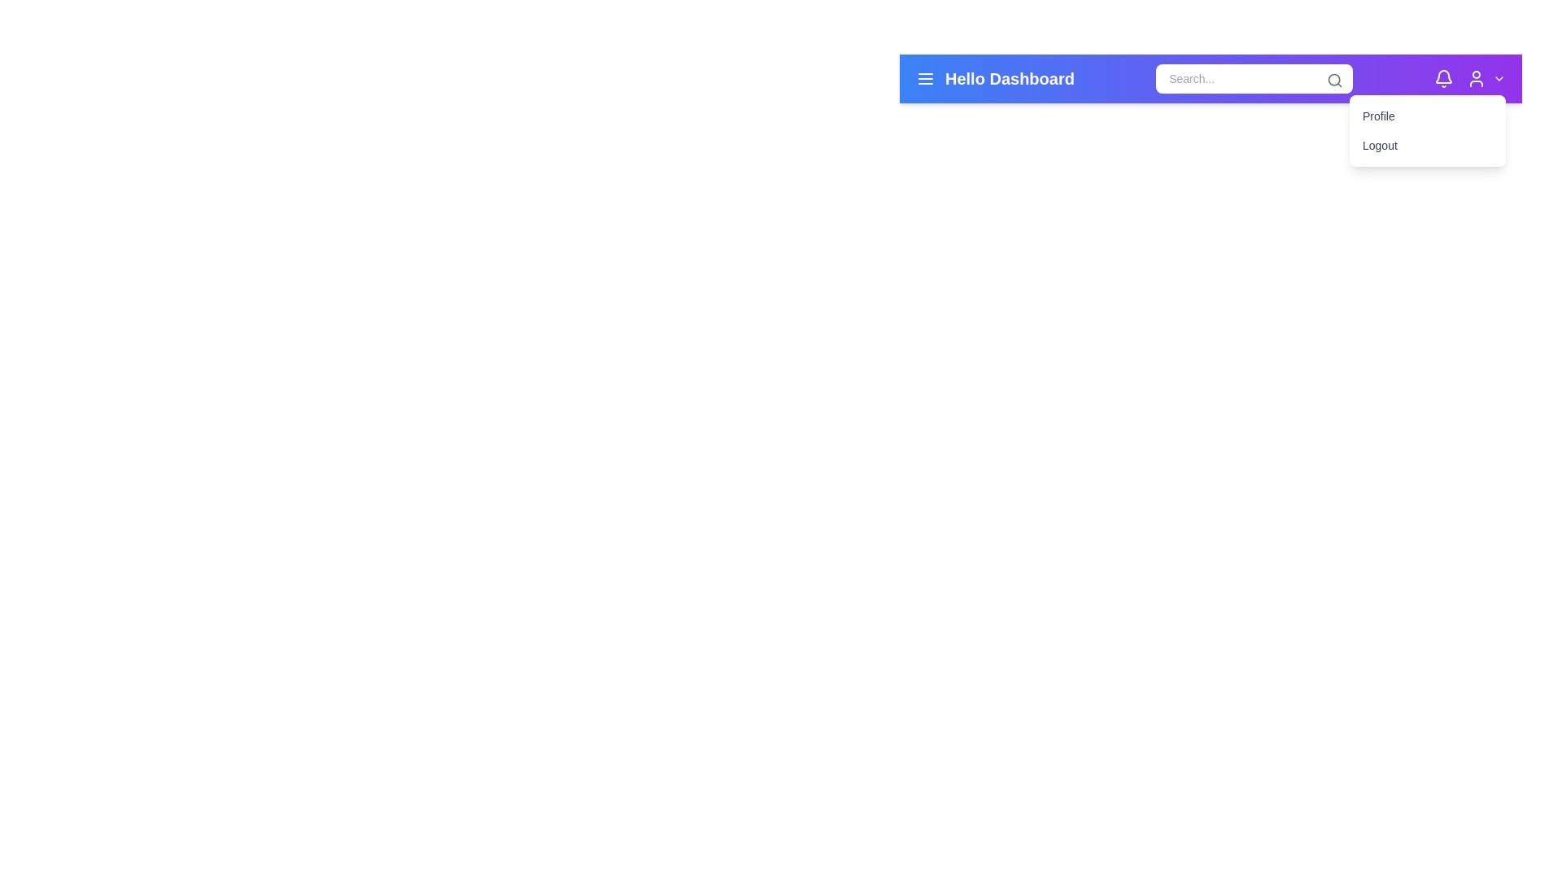 The image size is (1562, 879). What do you see at coordinates (994, 78) in the screenshot?
I see `the static text label displaying 'Hello Dashboard' in bold white font on a vibrant blue background located at the top-left corner of the navigation bar` at bounding box center [994, 78].